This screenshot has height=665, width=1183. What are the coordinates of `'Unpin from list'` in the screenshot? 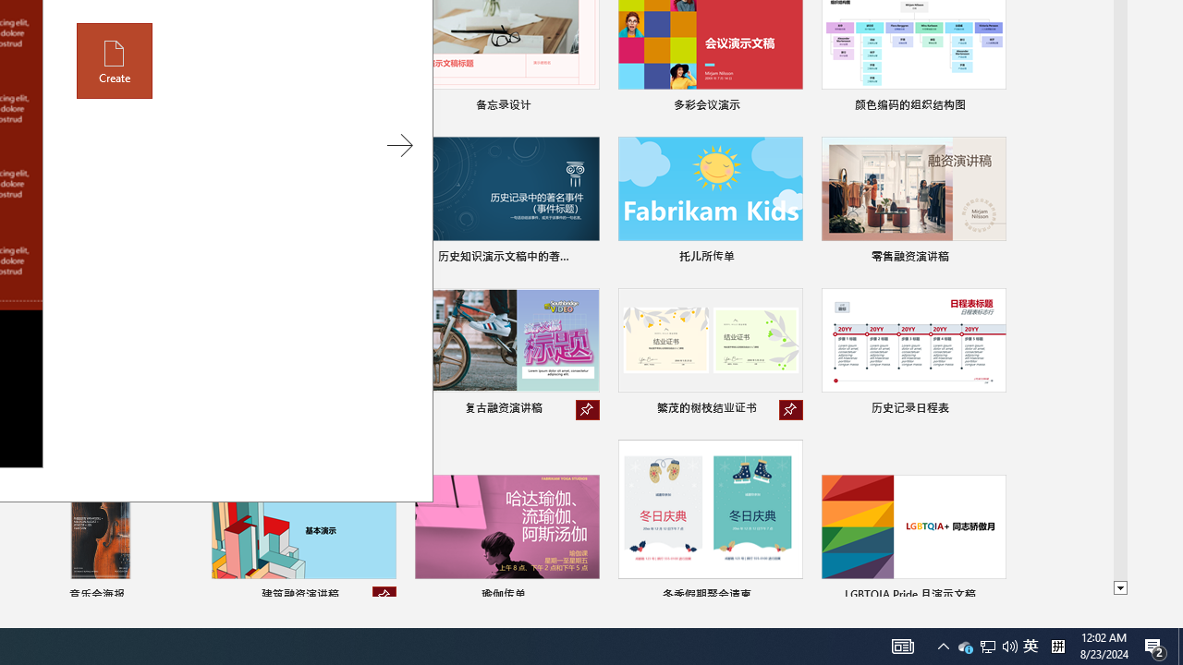 It's located at (384, 596).